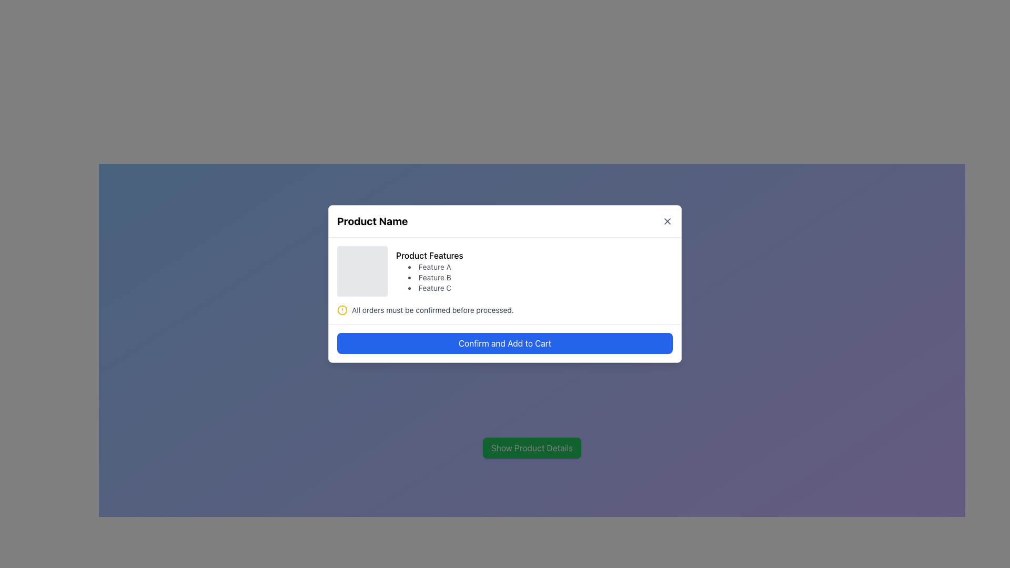 This screenshot has width=1010, height=568. What do you see at coordinates (666, 220) in the screenshot?
I see `the close button located at the top-right corner of the modal window` at bounding box center [666, 220].